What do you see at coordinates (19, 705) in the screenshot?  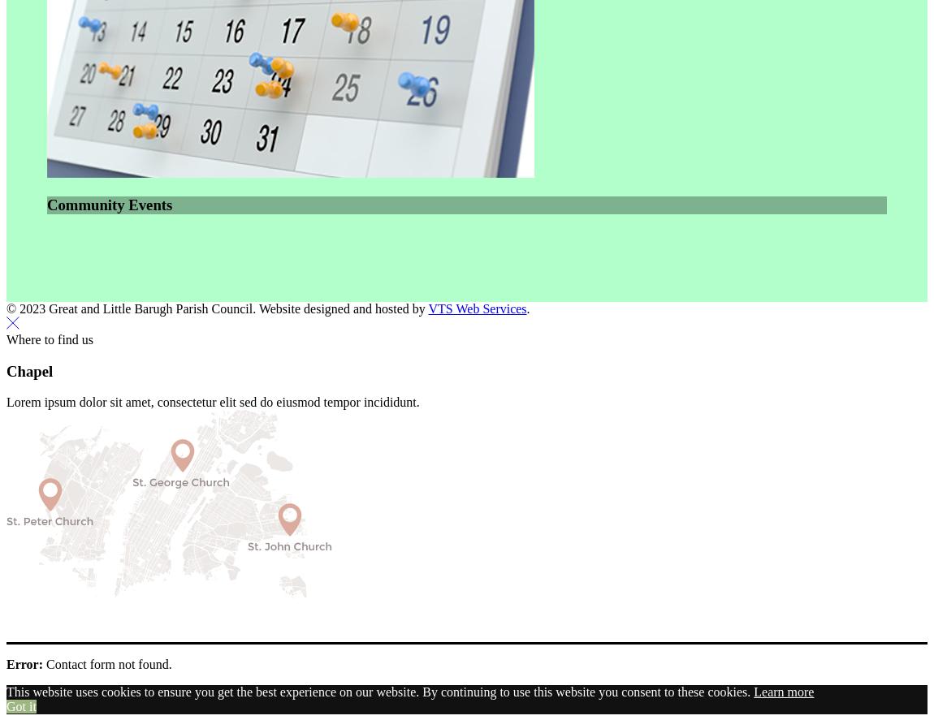 I see `'Got it'` at bounding box center [19, 705].